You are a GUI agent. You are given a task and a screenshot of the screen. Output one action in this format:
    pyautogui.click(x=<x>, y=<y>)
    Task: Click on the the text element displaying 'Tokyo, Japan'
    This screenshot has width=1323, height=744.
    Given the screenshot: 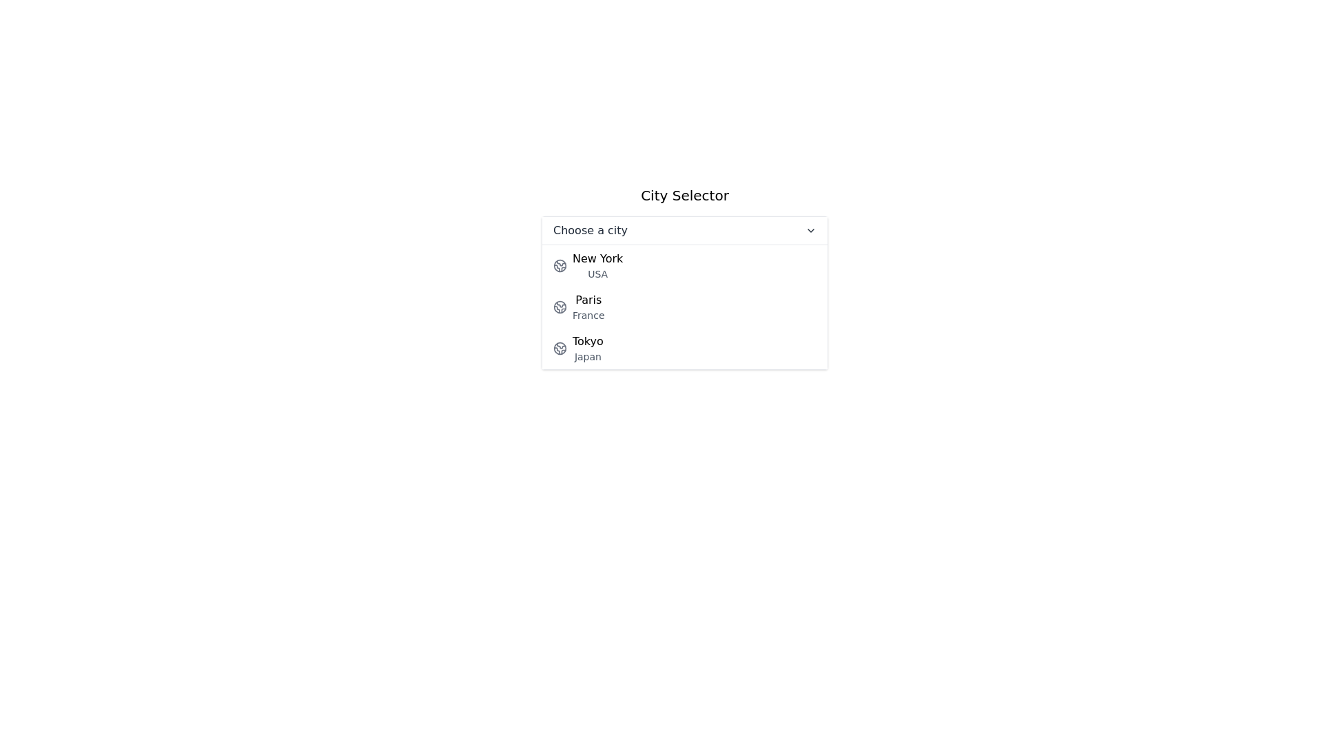 What is the action you would take?
    pyautogui.click(x=588, y=347)
    